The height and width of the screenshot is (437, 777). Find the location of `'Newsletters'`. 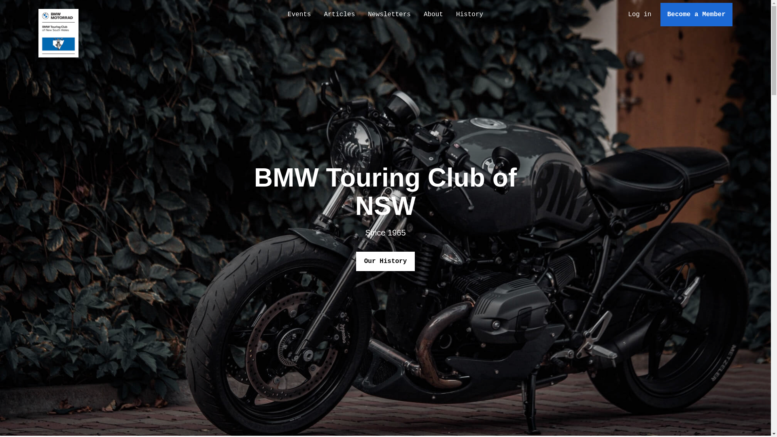

'Newsletters' is located at coordinates (389, 14).